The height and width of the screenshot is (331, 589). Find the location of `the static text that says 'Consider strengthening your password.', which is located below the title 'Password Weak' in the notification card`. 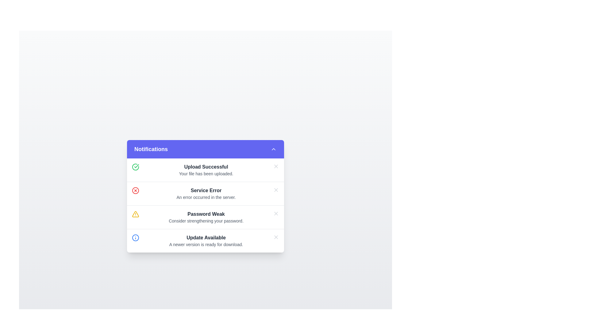

the static text that says 'Consider strengthening your password.', which is located below the title 'Password Weak' in the notification card is located at coordinates (206, 221).